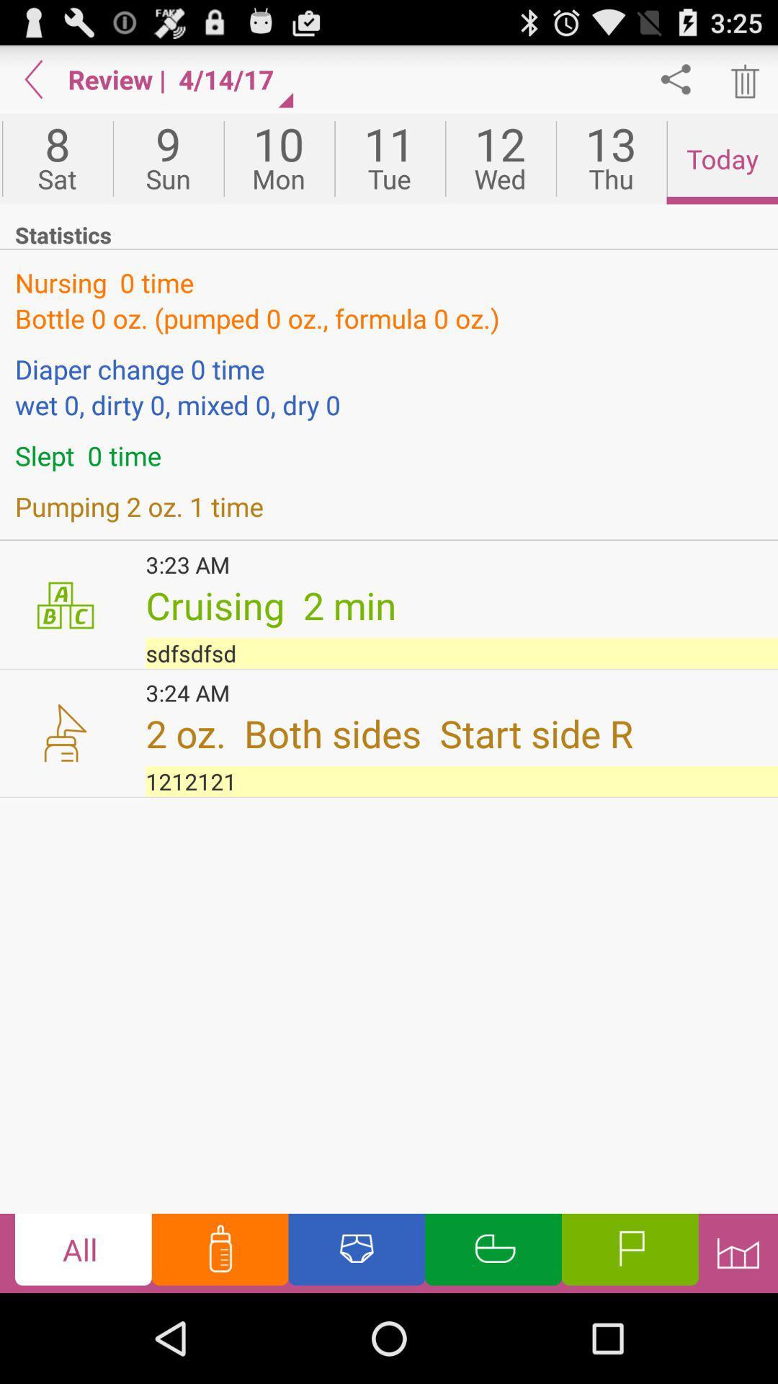  I want to click on go statistics, so click(738, 1252).